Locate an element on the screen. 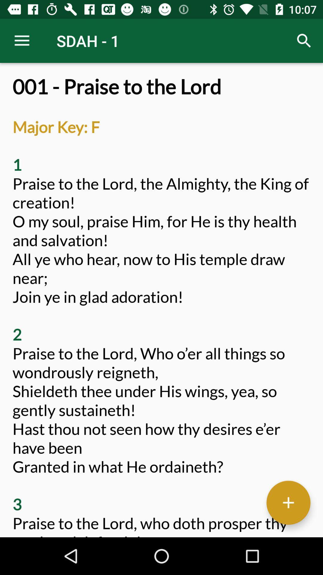  the 001 praise to at the center is located at coordinates (161, 306).